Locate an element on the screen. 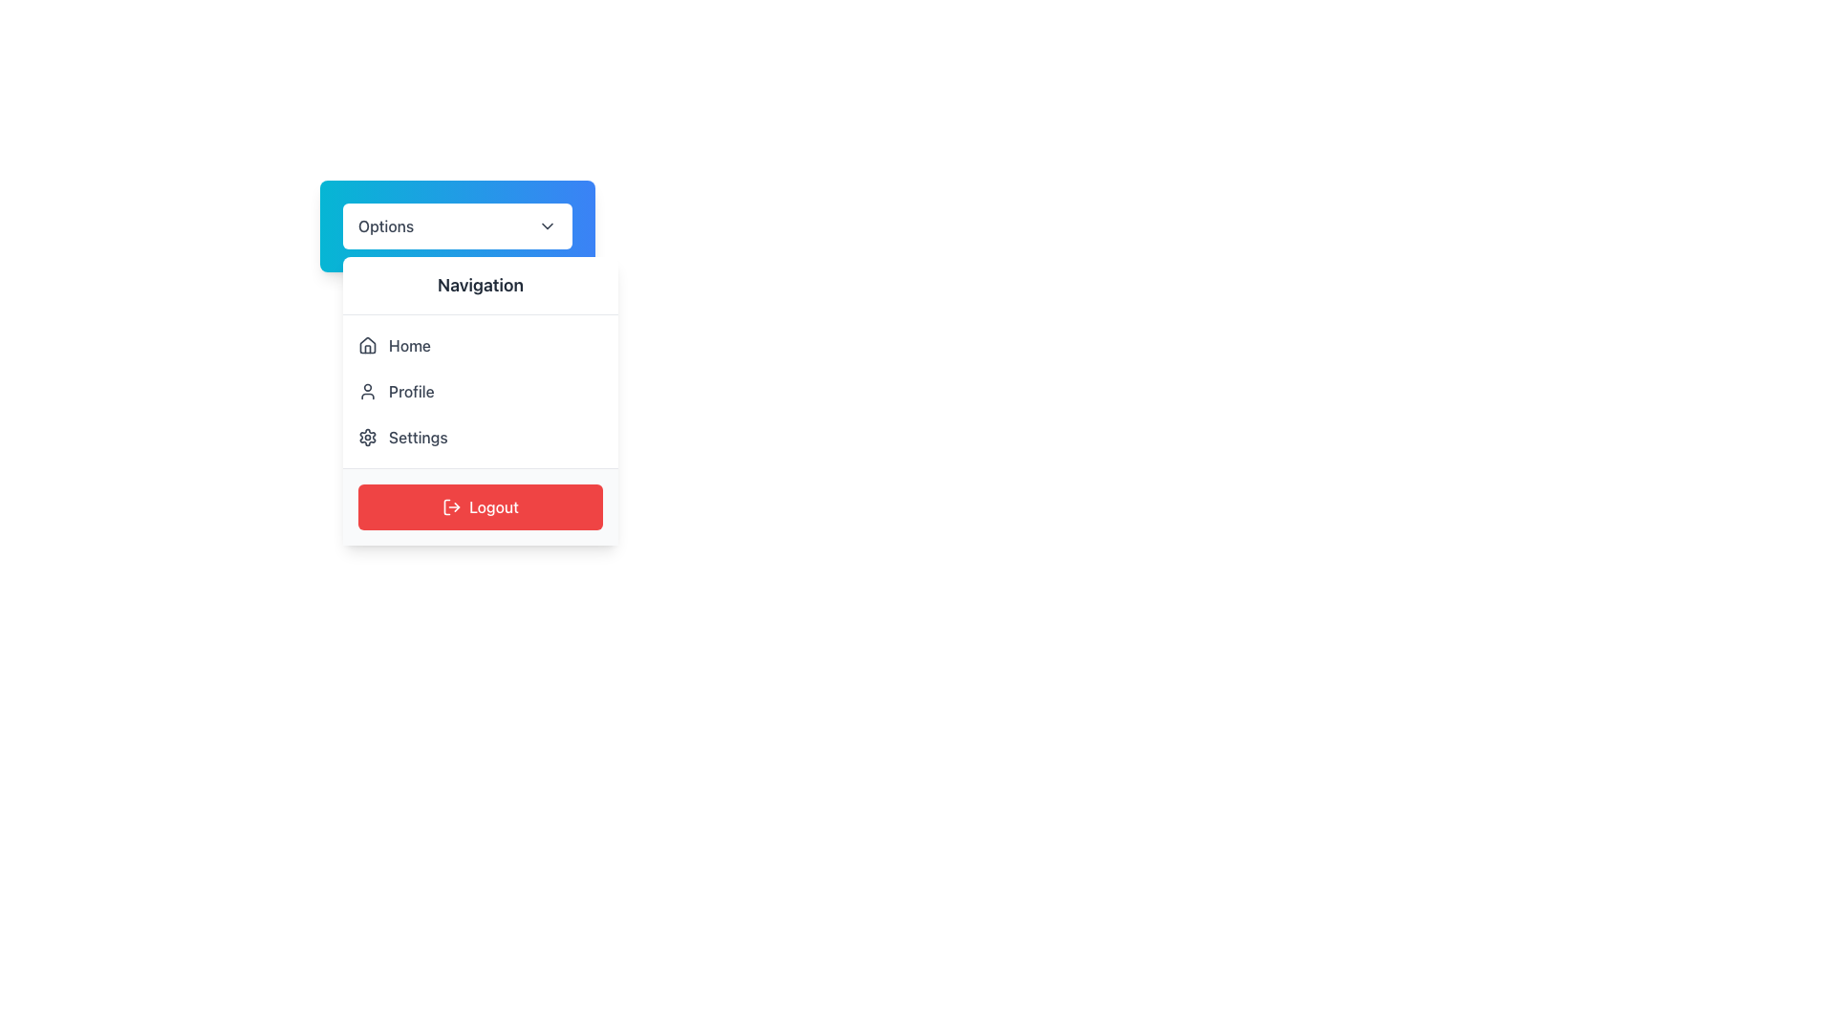 This screenshot has width=1835, height=1032. the house-shaped icon located within the 'Navigation' dropdown menu, adjacent to the 'Home' text is located at coordinates (367, 345).